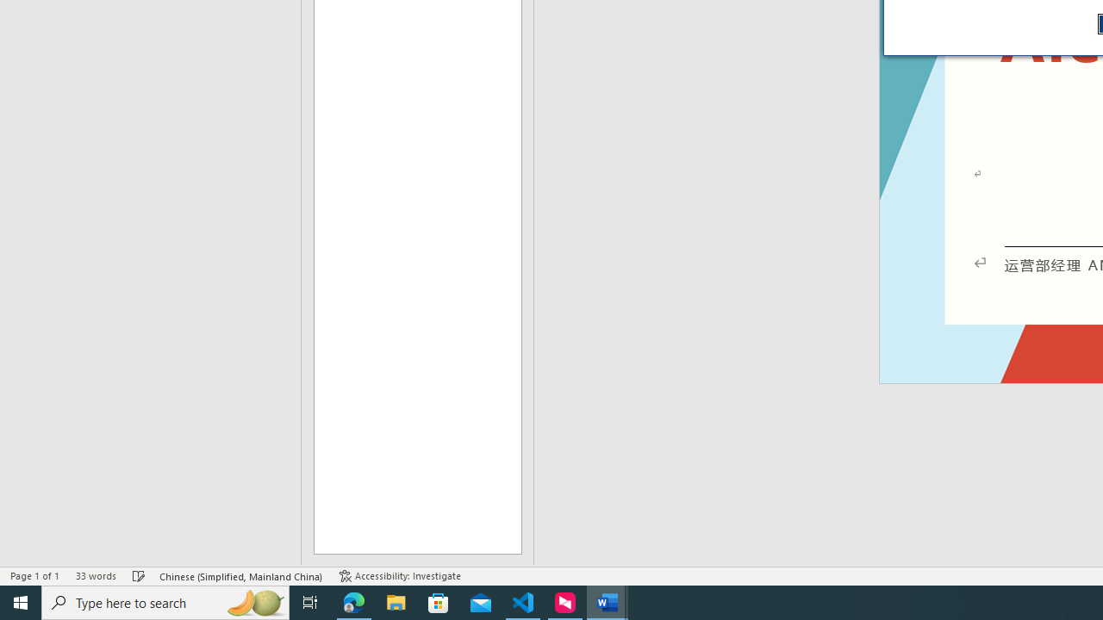  I want to click on 'Type here to search', so click(165, 601).